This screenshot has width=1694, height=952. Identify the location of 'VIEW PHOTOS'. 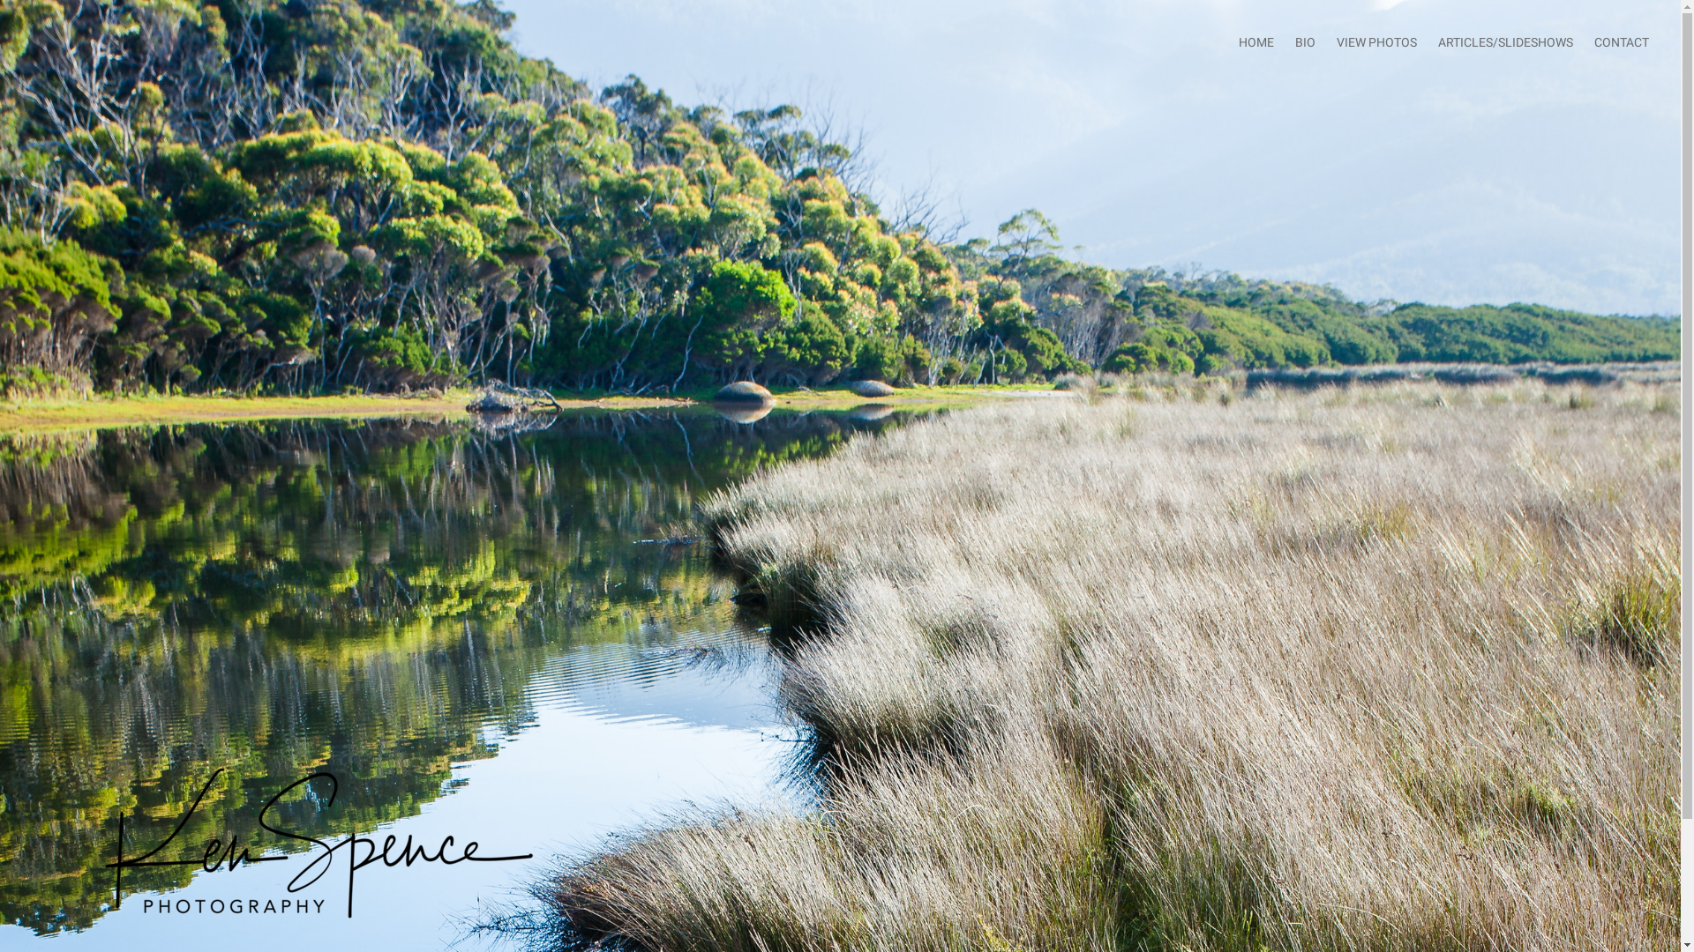
(1375, 41).